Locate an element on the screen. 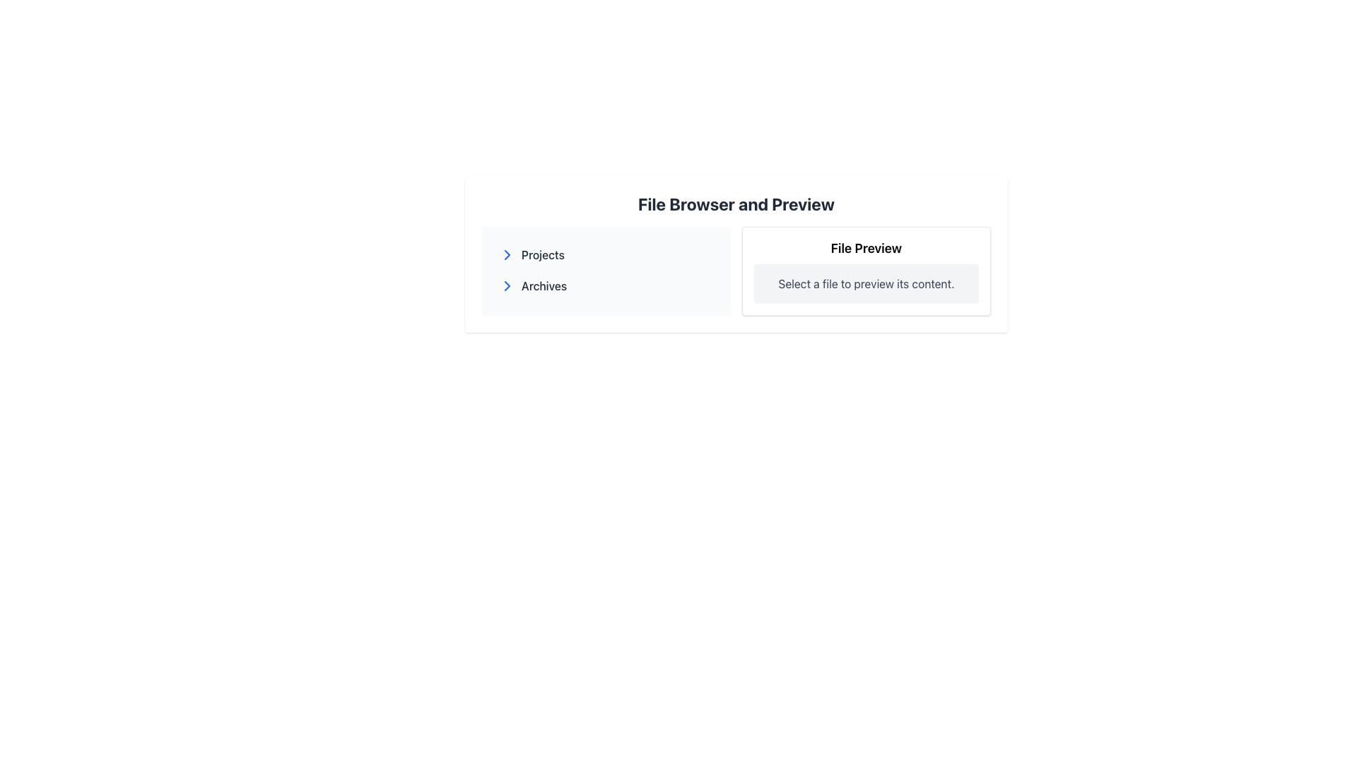 This screenshot has height=763, width=1357. the chevron icon located at the beginning of the 'Archives' list item in the left panel is located at coordinates (507, 286).